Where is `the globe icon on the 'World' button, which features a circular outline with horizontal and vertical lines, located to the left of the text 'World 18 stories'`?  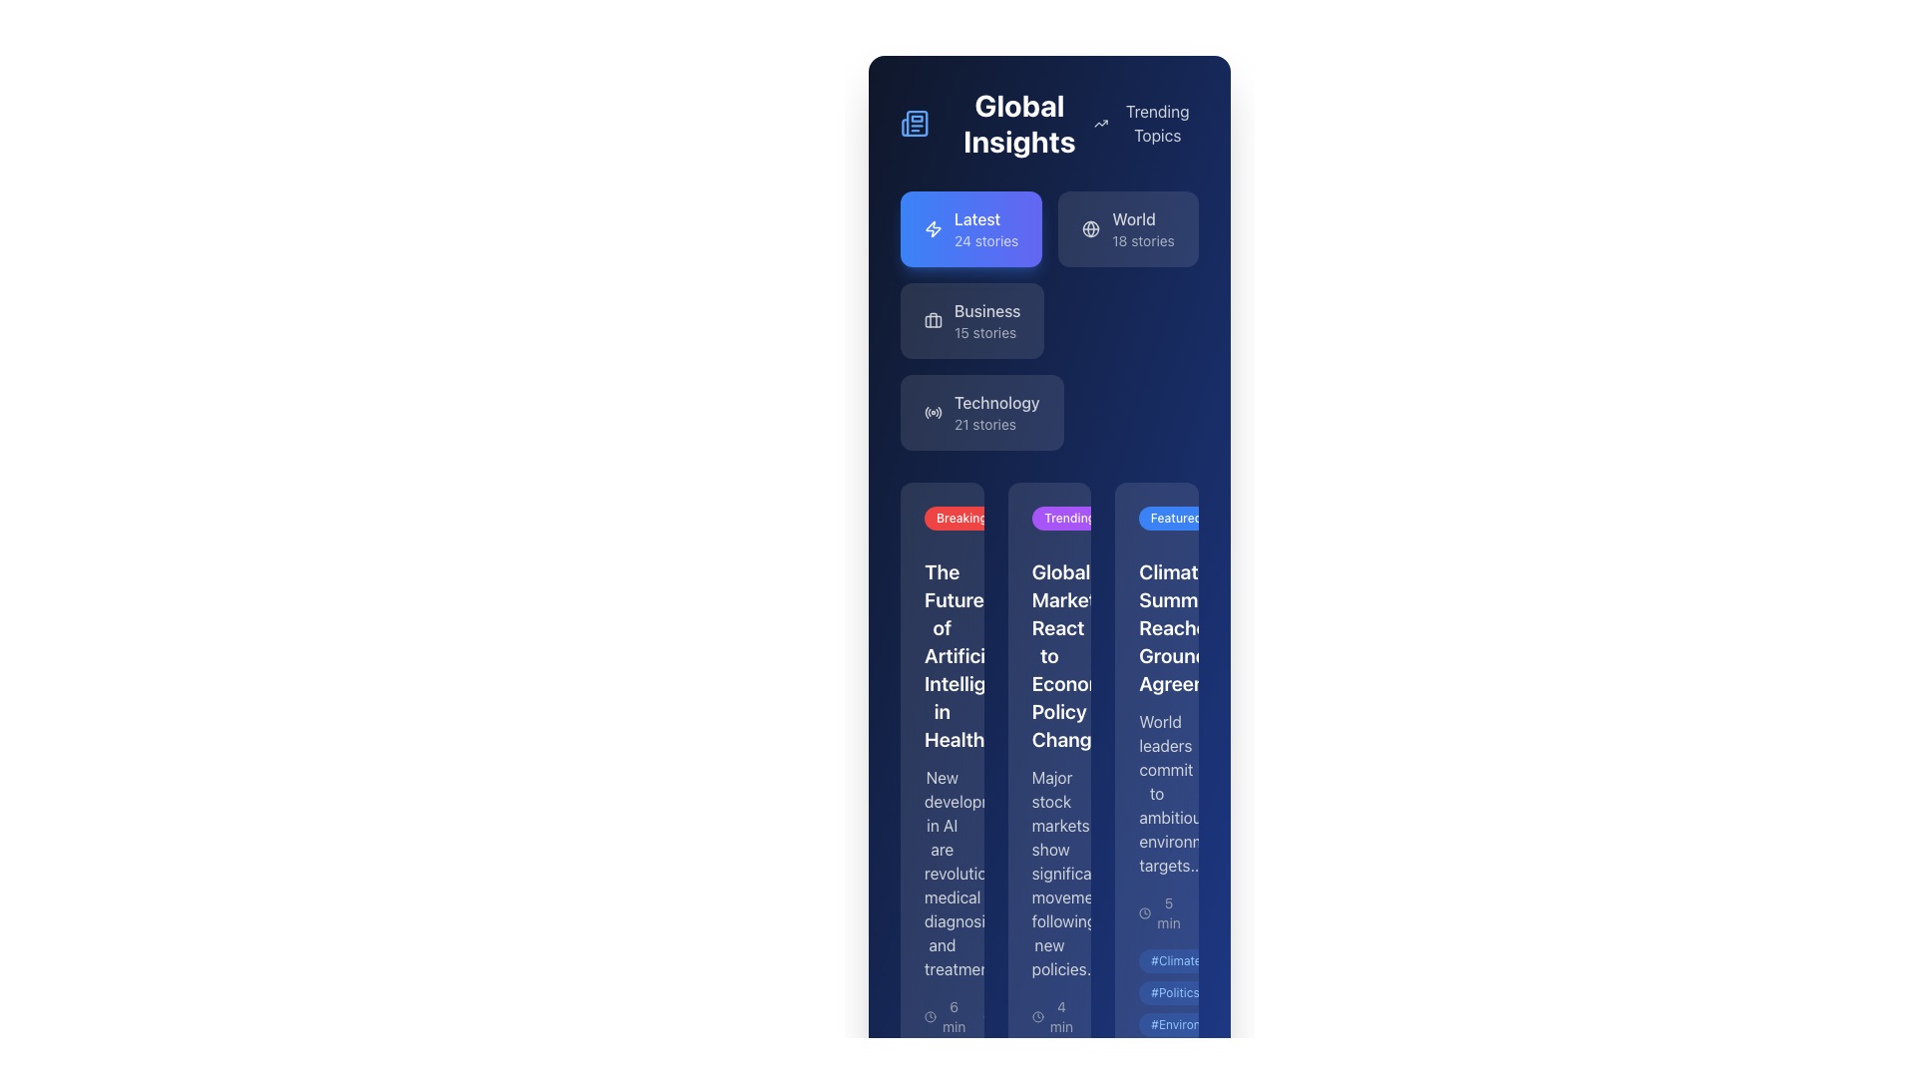
the globe icon on the 'World' button, which features a circular outline with horizontal and vertical lines, located to the left of the text 'World 18 stories' is located at coordinates (1090, 228).